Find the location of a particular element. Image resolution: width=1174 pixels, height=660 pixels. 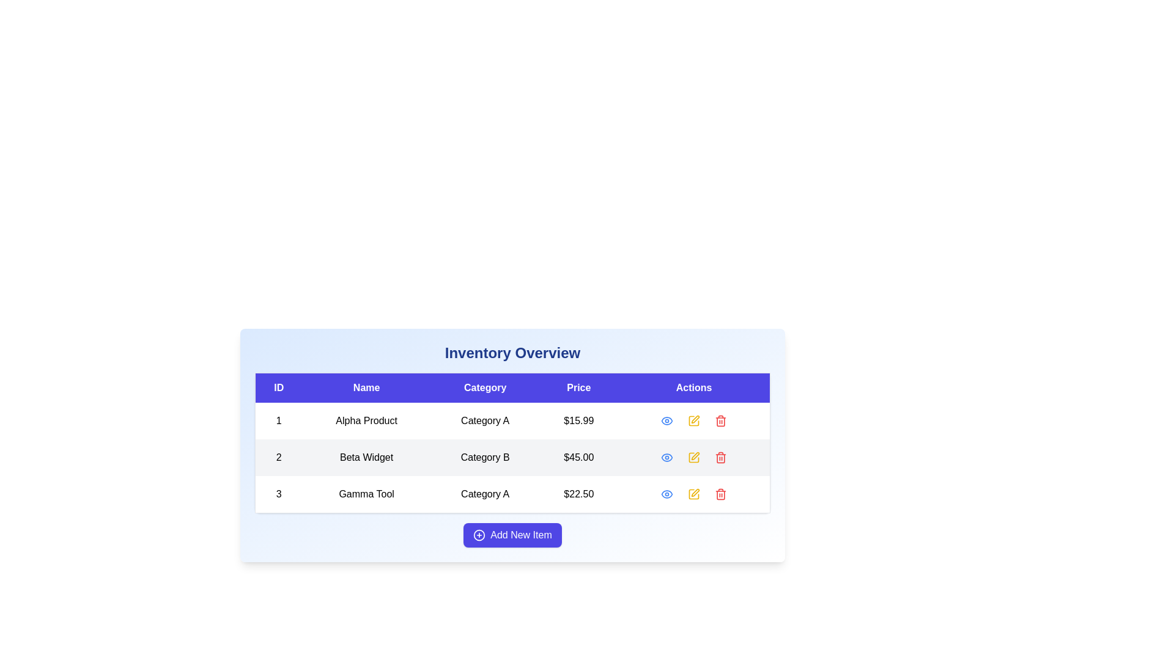

the eye-shaped icon button in the 'Actions' column of the last row of the inventory table for the product 'Gamma Tool' is located at coordinates (666, 494).